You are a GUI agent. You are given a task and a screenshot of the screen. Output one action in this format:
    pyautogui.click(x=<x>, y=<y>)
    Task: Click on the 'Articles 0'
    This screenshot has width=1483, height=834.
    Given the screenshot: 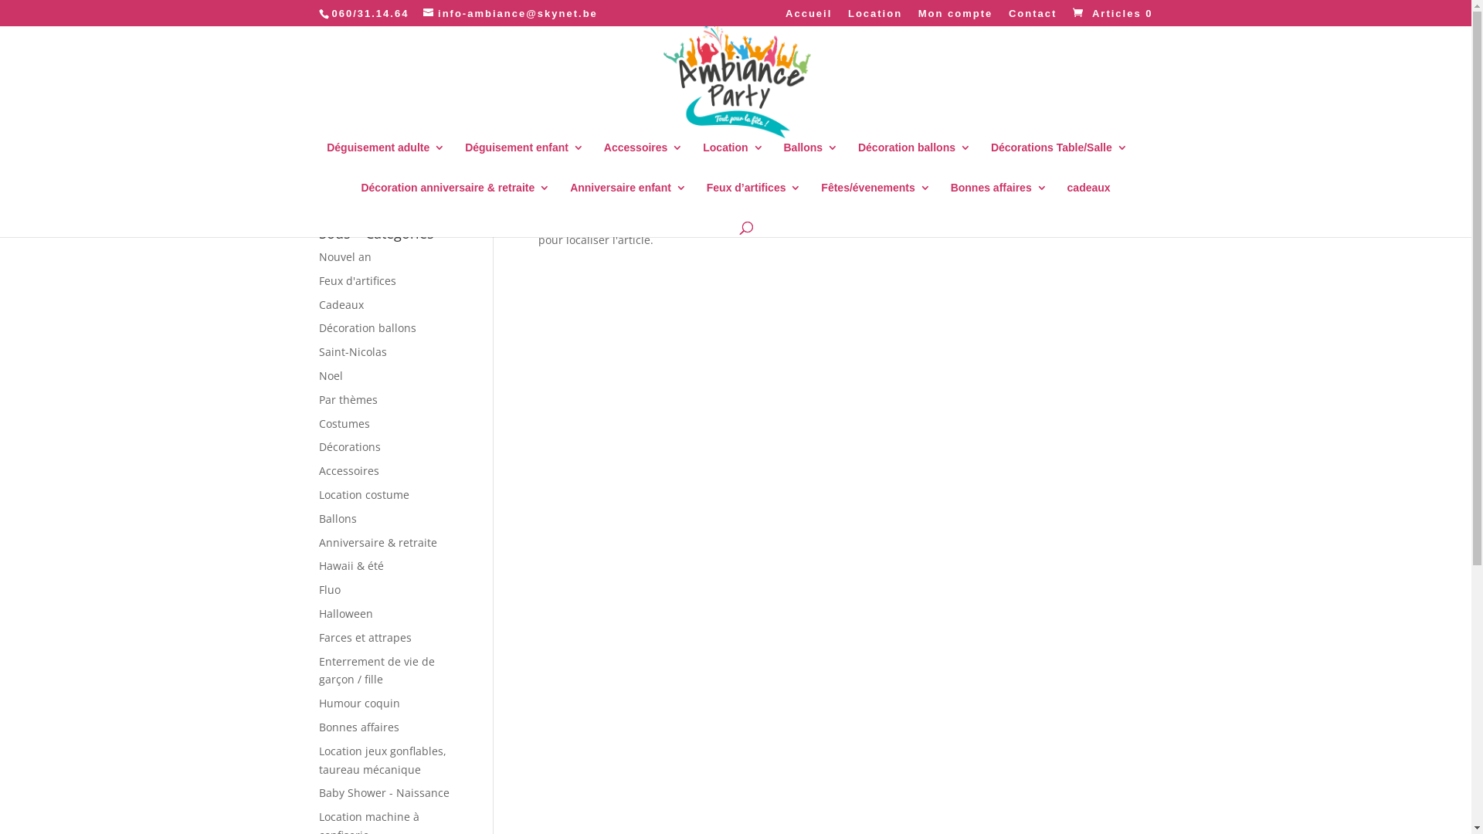 What is the action you would take?
    pyautogui.click(x=1067, y=13)
    